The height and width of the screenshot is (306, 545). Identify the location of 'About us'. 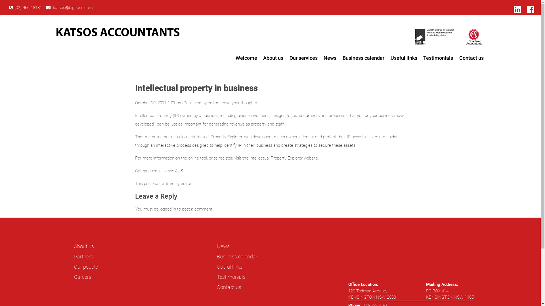
(84, 246).